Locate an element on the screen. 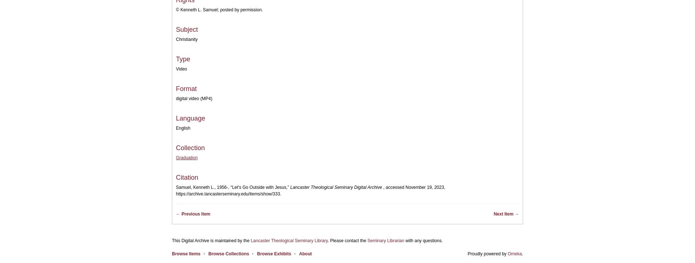 The image size is (695, 263). 'This Digital Archive is maintained by the' is located at coordinates (211, 241).